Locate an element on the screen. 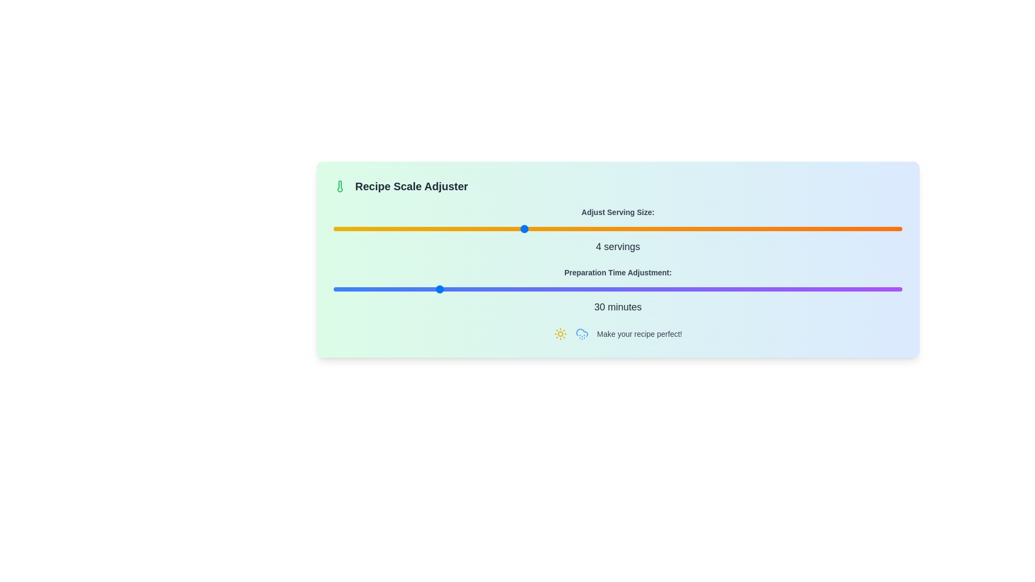 This screenshot has height=582, width=1035. the temperature or scale adjustment icon located to the left of the 'Recipe Scale Adjuster' text is located at coordinates (339, 186).